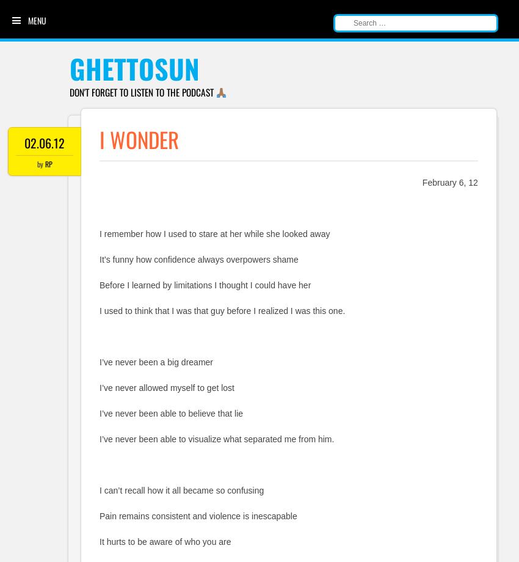  I want to click on 'Pain remains consistent and violence is inescapable', so click(198, 516).